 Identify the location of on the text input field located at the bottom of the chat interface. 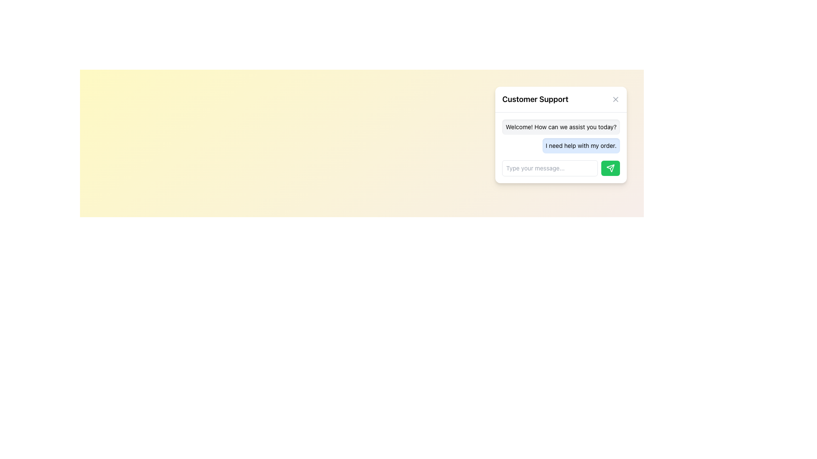
(550, 168).